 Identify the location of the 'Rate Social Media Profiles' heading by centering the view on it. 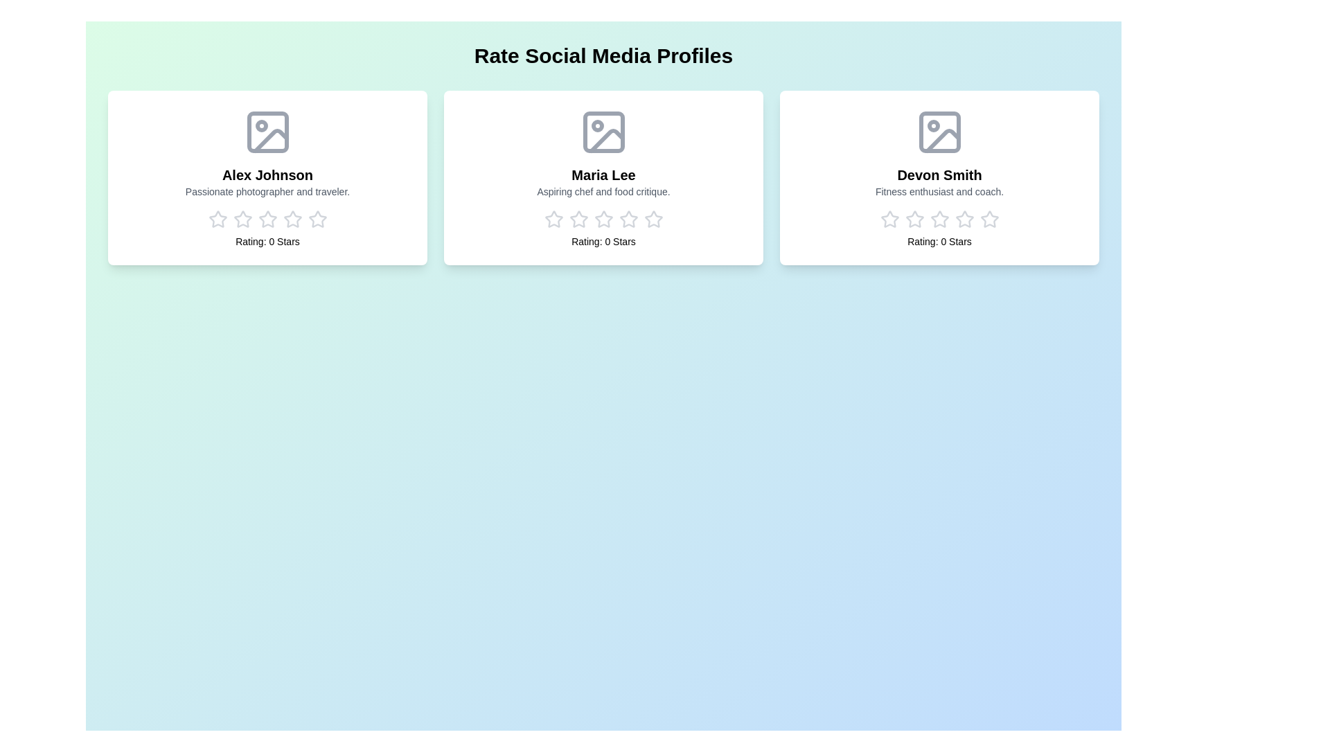
(603, 55).